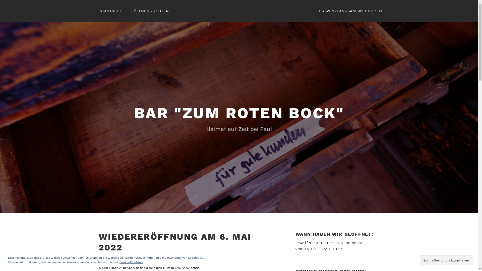  What do you see at coordinates (119, 262) in the screenshot?
I see `'Cookie-Richtlinie'` at bounding box center [119, 262].